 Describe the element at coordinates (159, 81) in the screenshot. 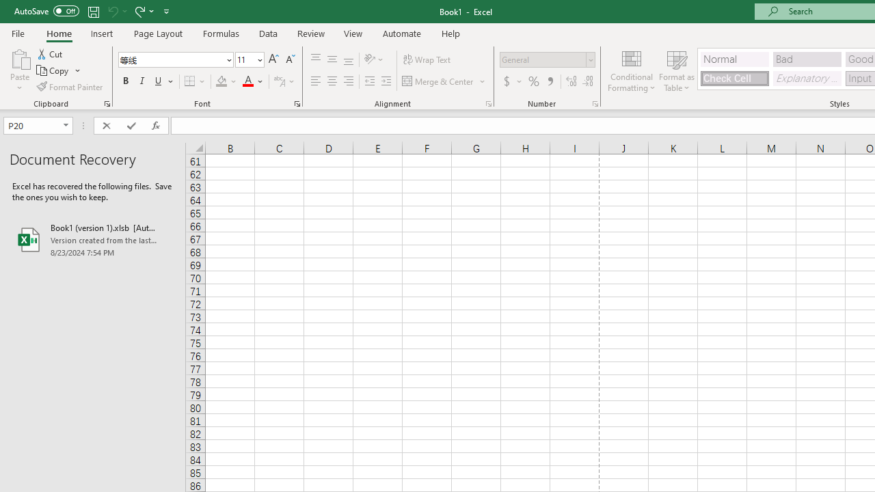

I see `'Underline'` at that location.